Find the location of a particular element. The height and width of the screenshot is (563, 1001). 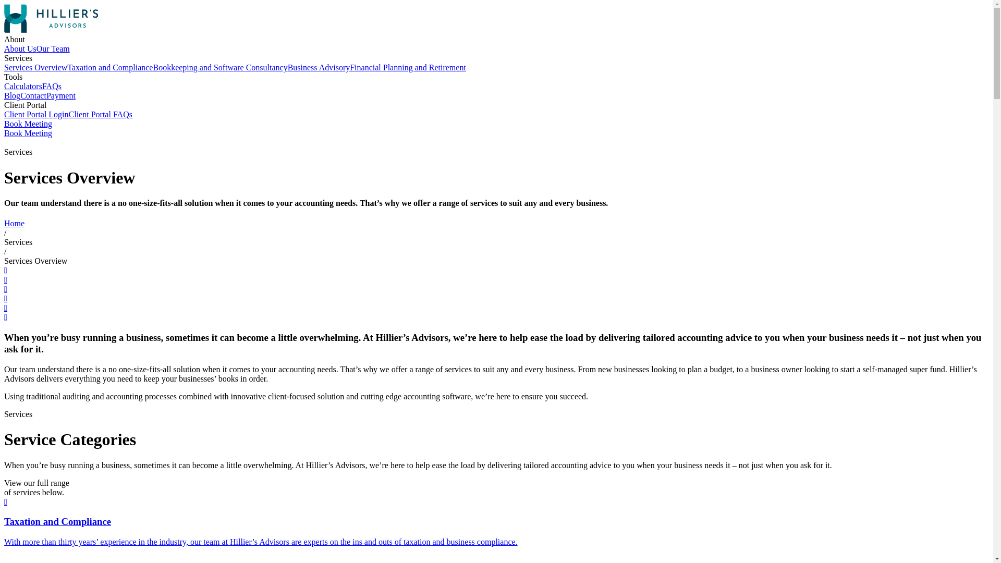

'Home' is located at coordinates (4, 223).